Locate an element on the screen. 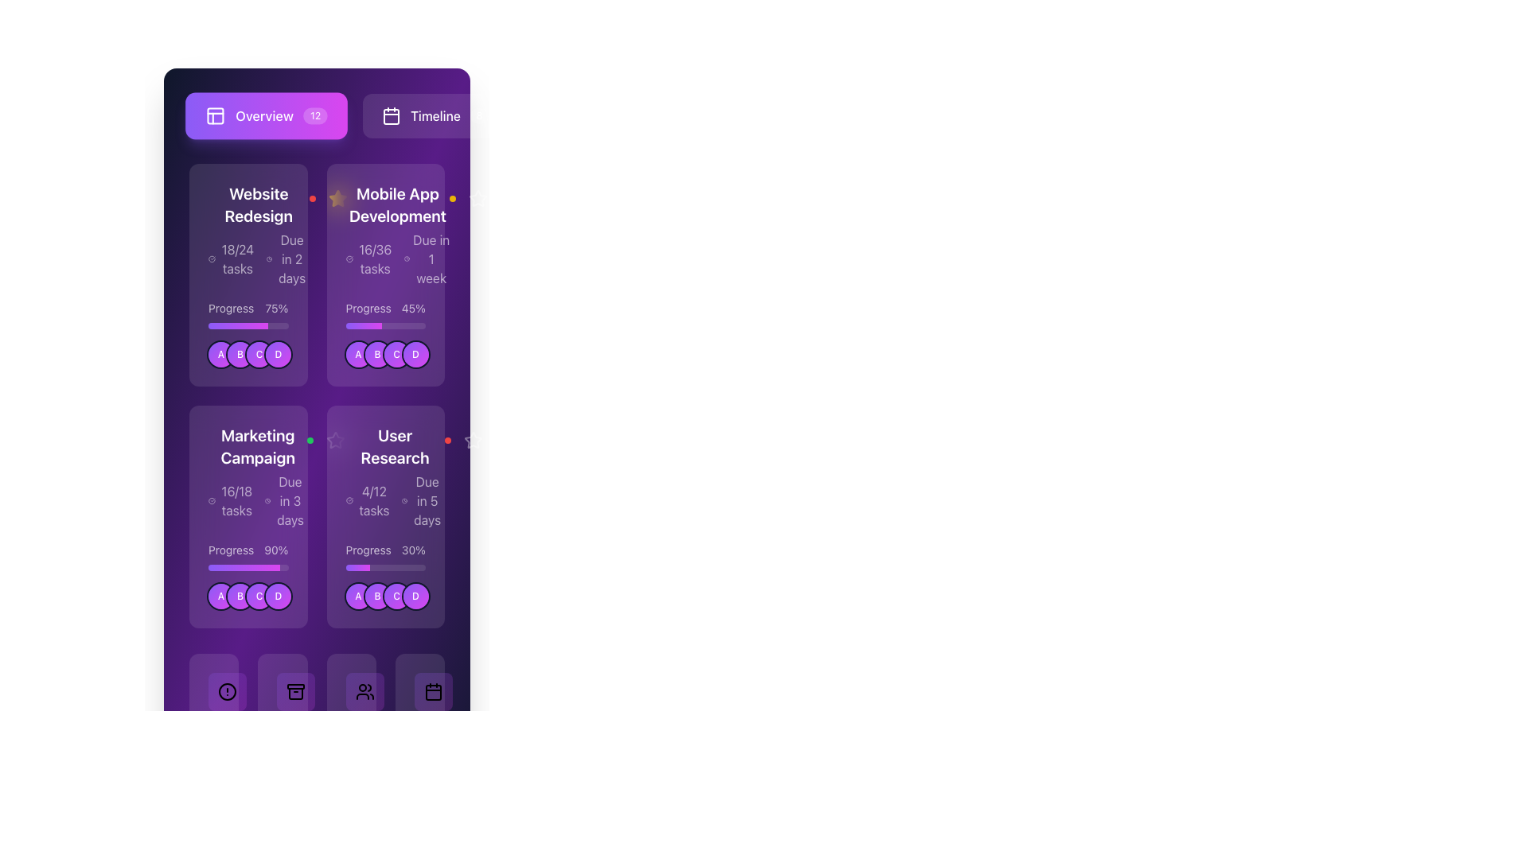 The width and height of the screenshot is (1528, 859). the first badge in the horizontal sequence labeled 'A' associated with the 'Mobile App Development' card located in the upper-right quadrant of the interface is located at coordinates (357, 354).